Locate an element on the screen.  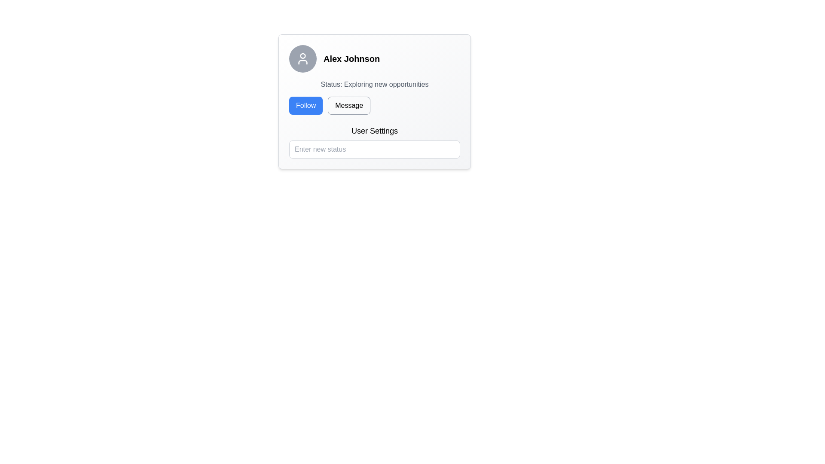
the Text Label displaying the user's current status, located below 'Alex Johnson' and above the 'Follow' and 'Message' buttons is located at coordinates (375, 84).